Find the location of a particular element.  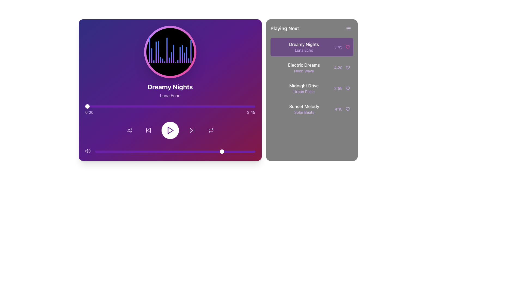

the text label displaying the duration '3:45' in a small, purple font, which is located in the 'Playing Next' section next to the heart icon for the track 'Dreamy Nights - Luna Echo' is located at coordinates (342, 47).